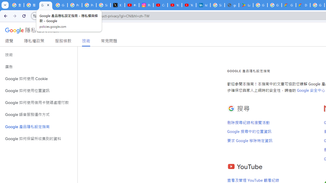 The height and width of the screenshot is (183, 326). Describe the element at coordinates (89, 5) in the screenshot. I see `'Privacy Help Center - Policies Help'` at that location.